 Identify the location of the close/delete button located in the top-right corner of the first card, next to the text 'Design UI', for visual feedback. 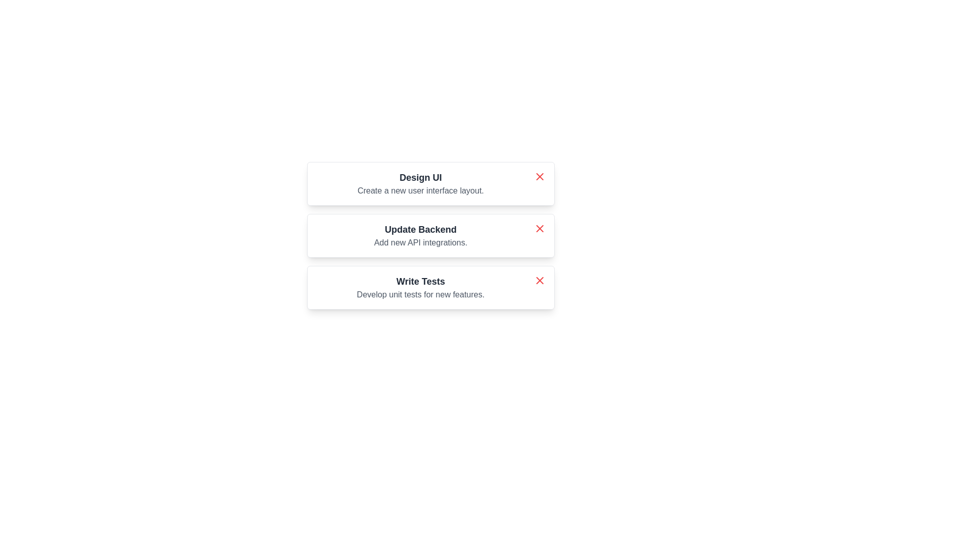
(539, 176).